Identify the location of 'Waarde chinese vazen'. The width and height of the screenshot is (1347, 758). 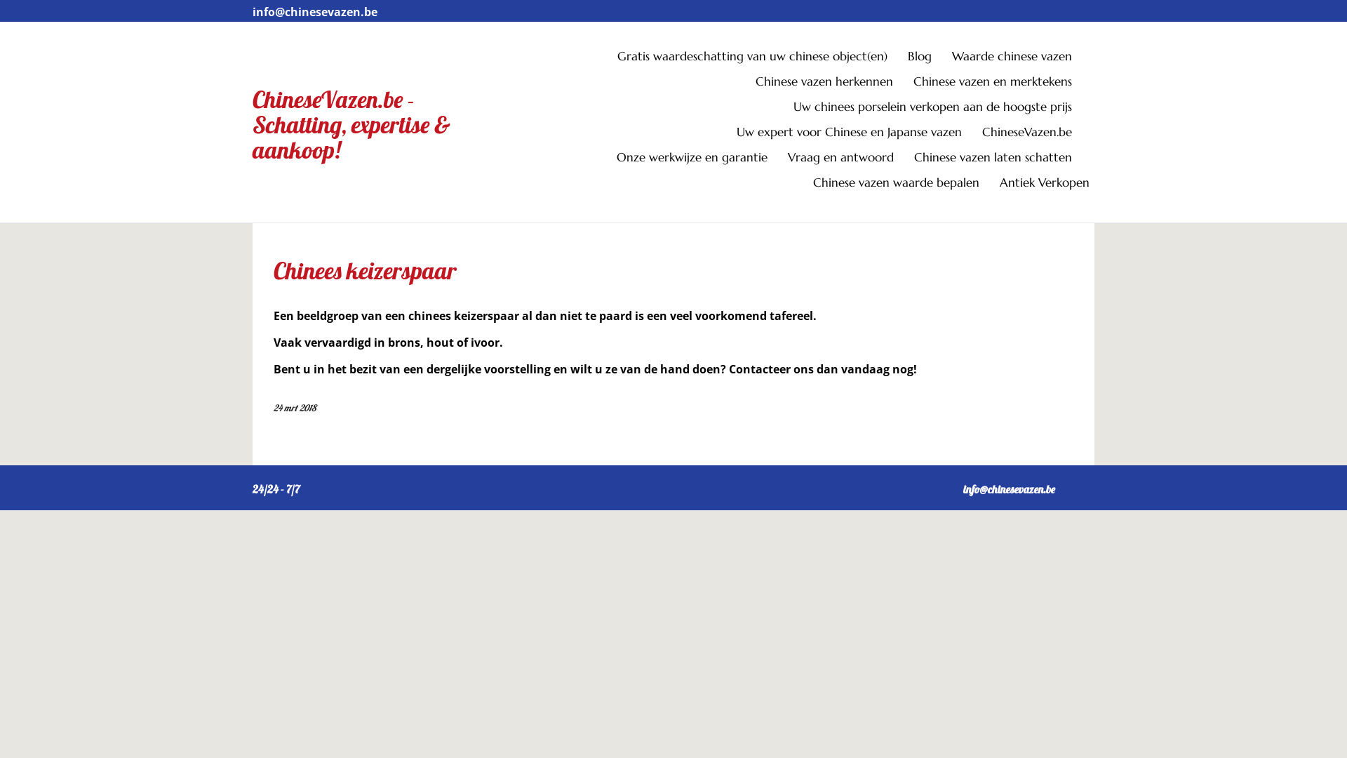
(1020, 58).